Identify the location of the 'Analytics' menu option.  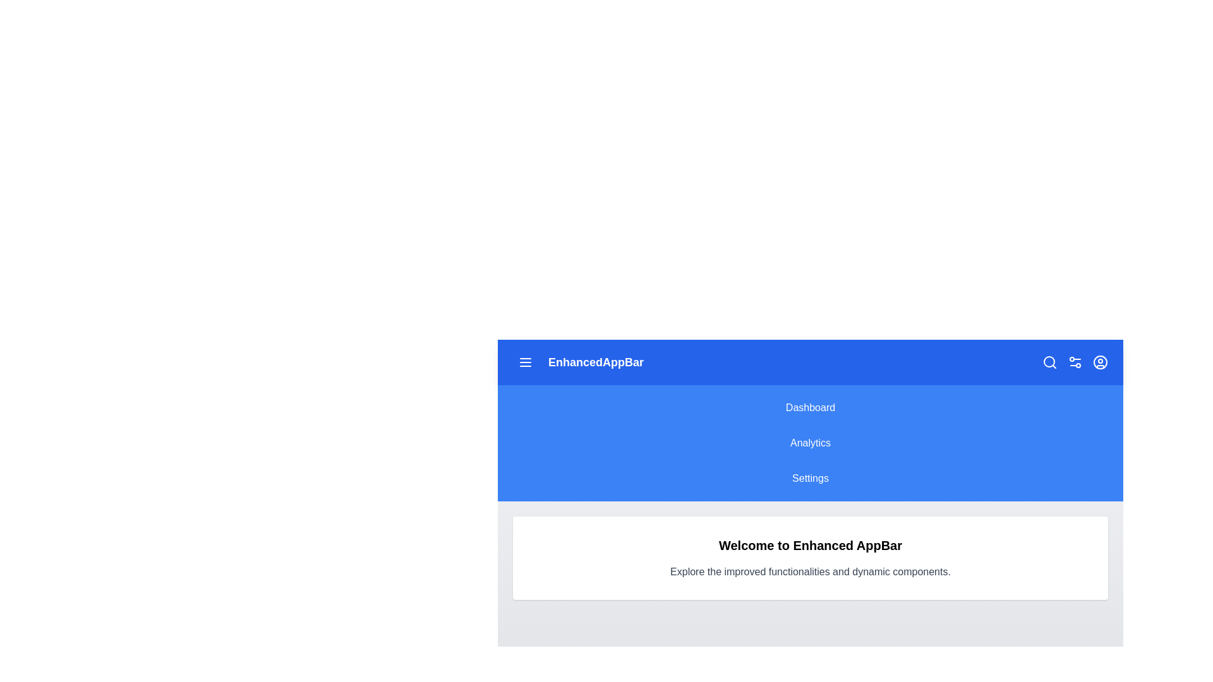
(810, 443).